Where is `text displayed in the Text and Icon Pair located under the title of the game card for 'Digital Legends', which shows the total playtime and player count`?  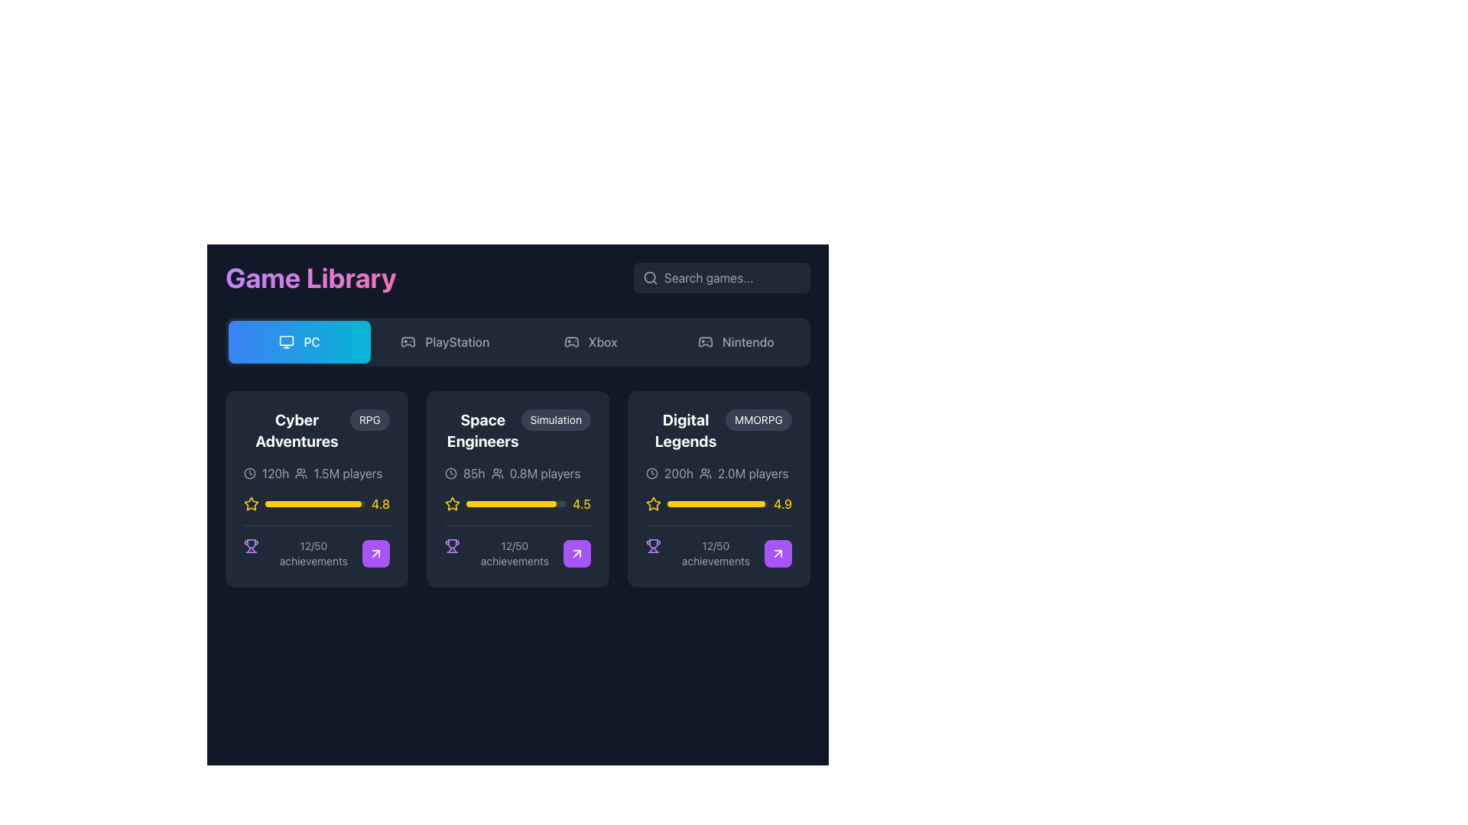
text displayed in the Text and Icon Pair located under the title of the game card for 'Digital Legends', which shows the total playtime and player count is located at coordinates (718, 473).